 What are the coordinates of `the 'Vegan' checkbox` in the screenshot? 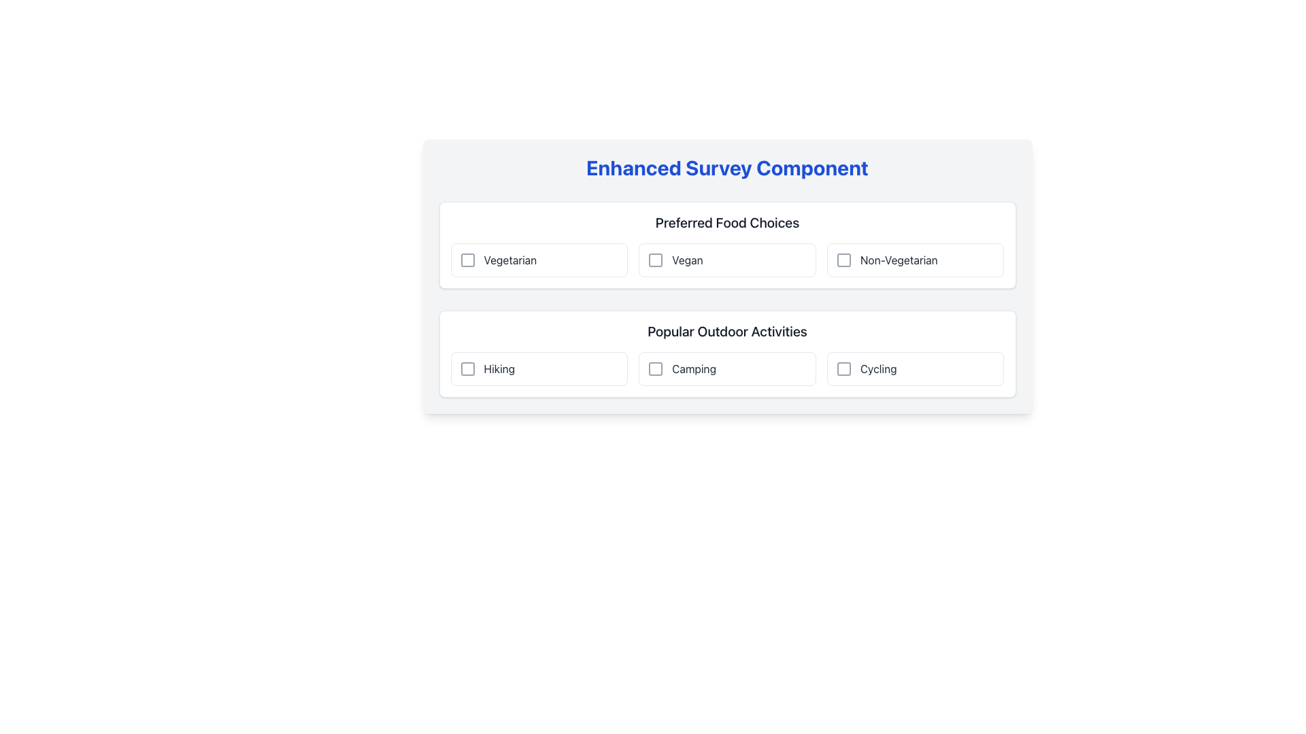 It's located at (726, 260).